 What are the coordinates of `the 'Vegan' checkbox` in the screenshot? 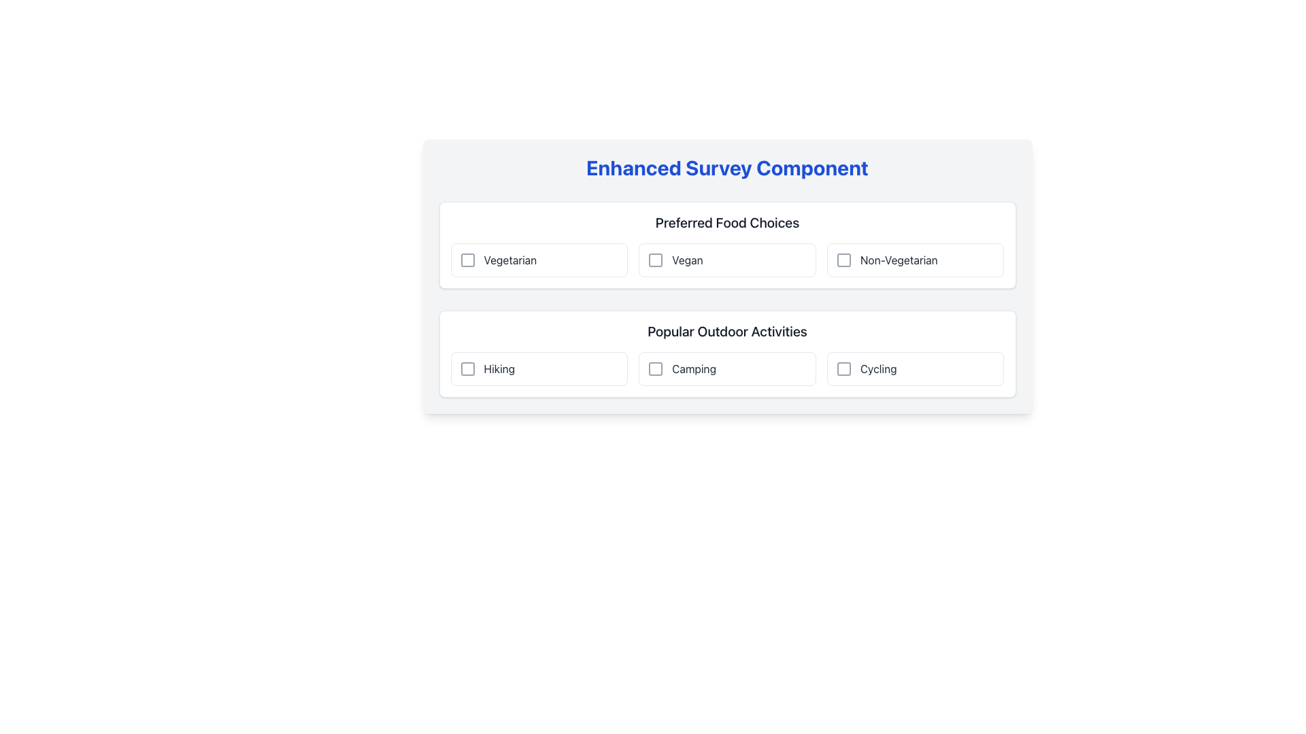 It's located at (726, 260).